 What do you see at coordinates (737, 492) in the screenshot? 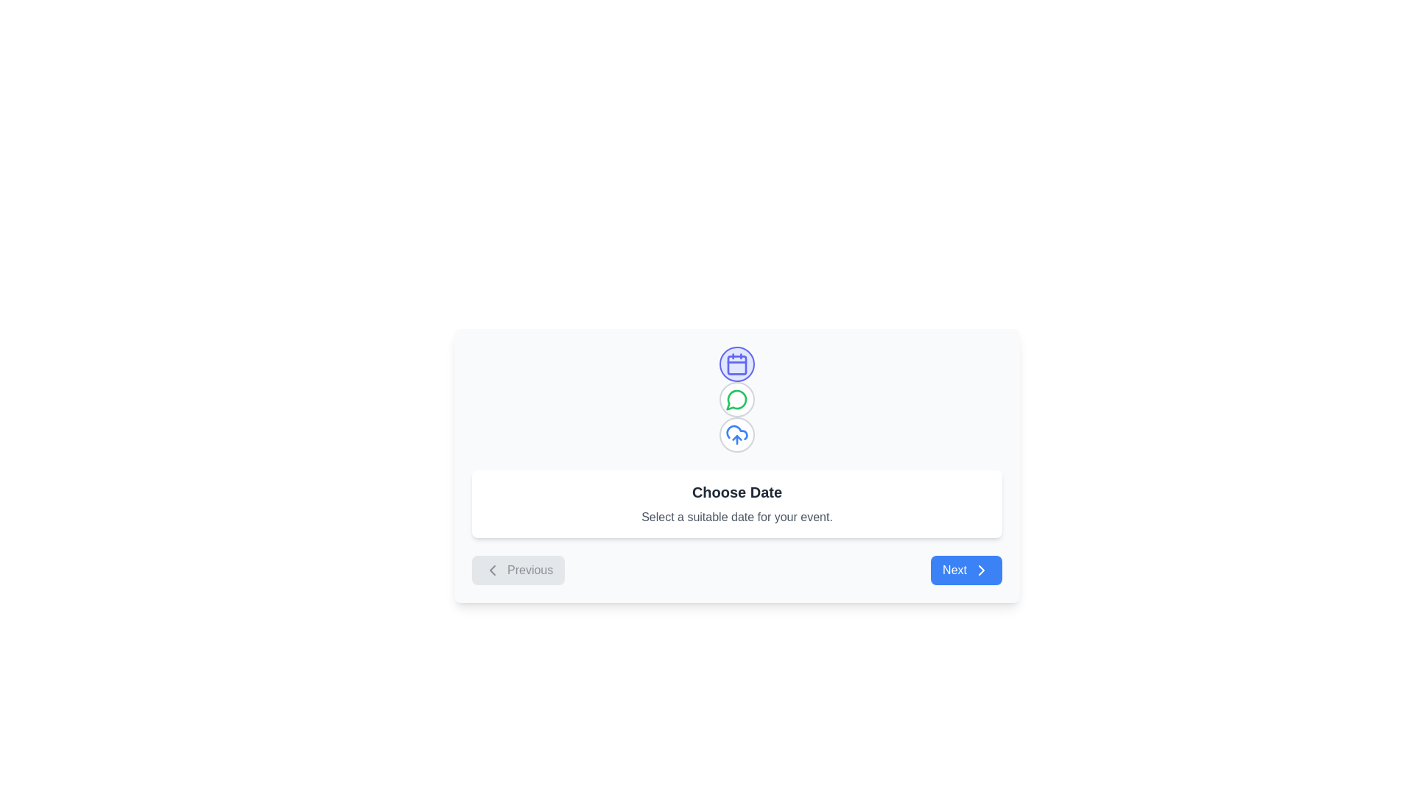
I see `the text label that introduces the date selection form, positioned above the descriptive text 'Select a suitable date for your event.'` at bounding box center [737, 492].